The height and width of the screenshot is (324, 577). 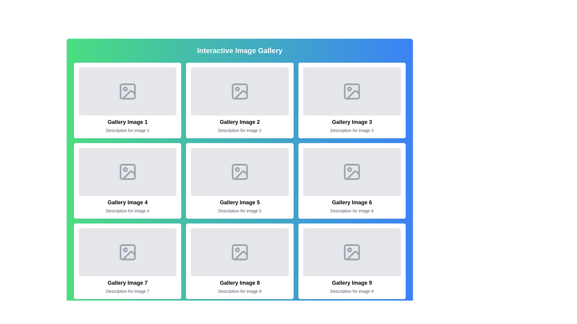 I want to click on the Circle graphic element located in the second row and second column of the gallery item placeholder, specifically within 'Gallery Image 5', so click(x=237, y=169).